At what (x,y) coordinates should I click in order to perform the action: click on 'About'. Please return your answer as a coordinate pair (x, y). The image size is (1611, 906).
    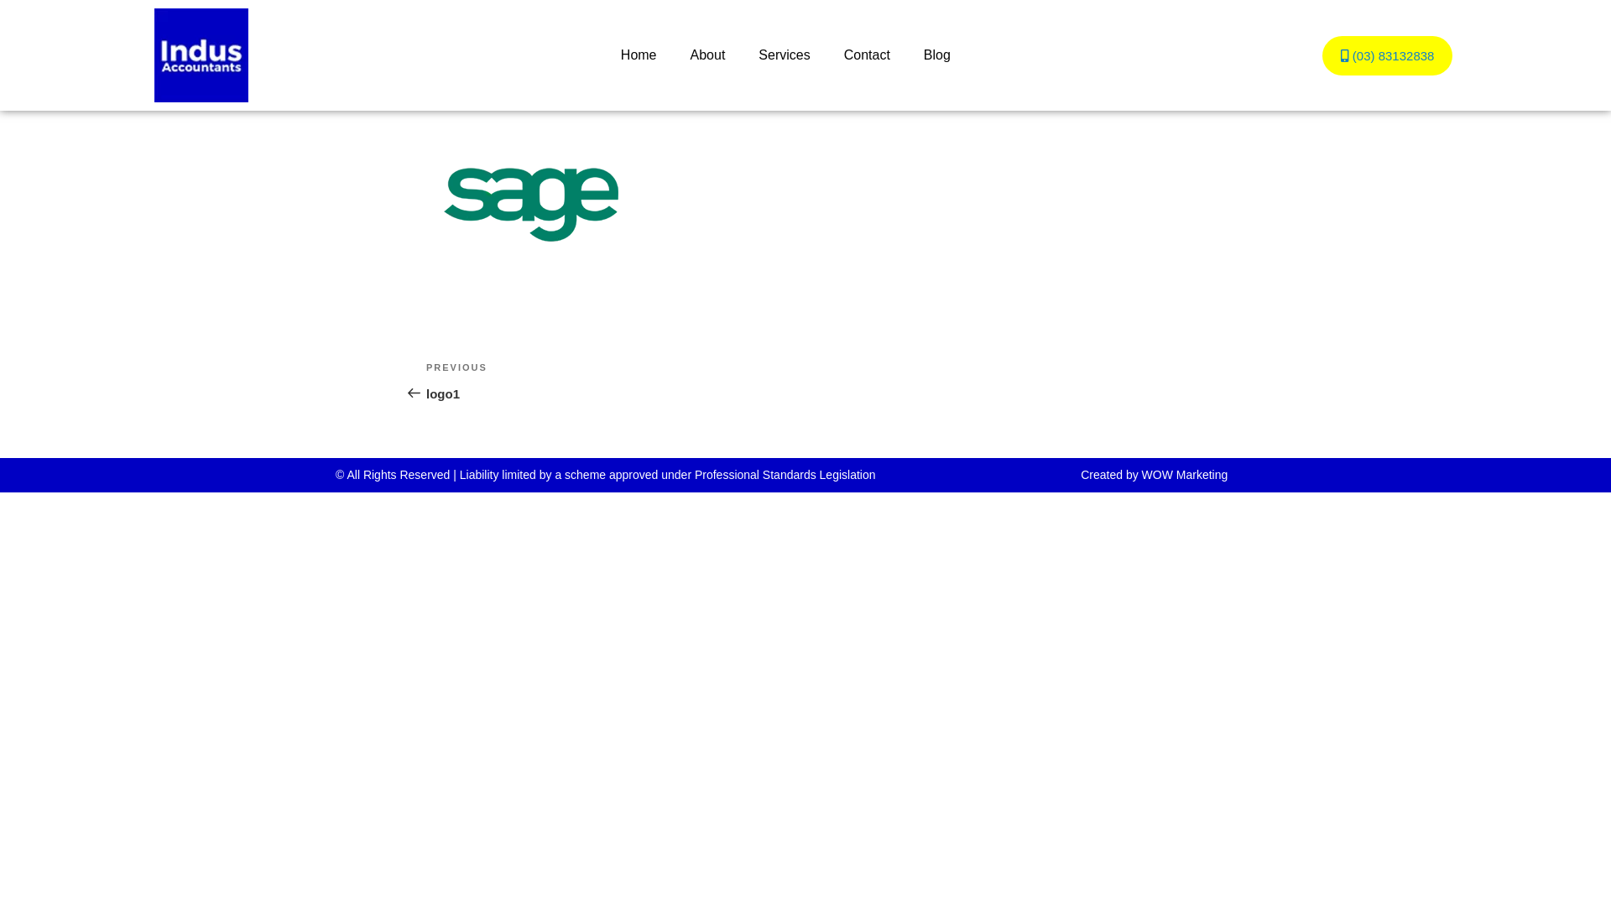
    Looking at the image, I should click on (708, 54).